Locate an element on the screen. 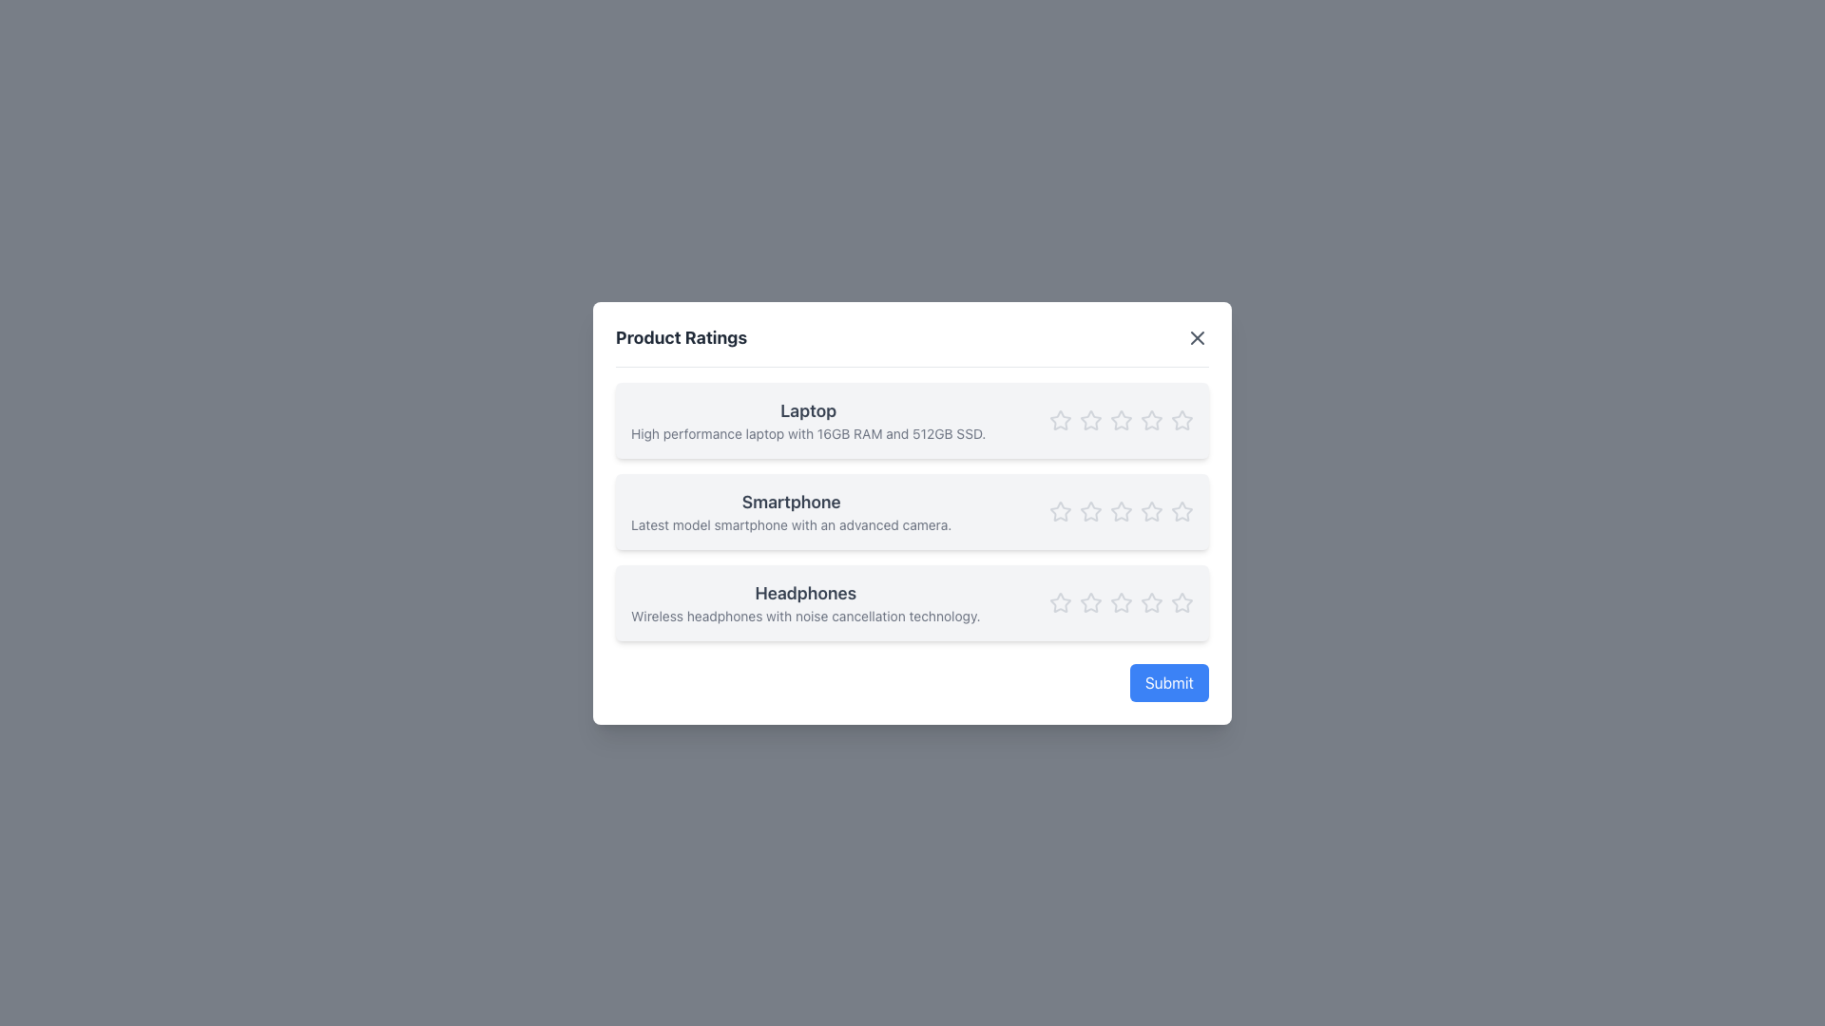 The image size is (1825, 1026). the non-interactive Text Label providing information about the product 'Laptop', located under the 'Laptop' title in the first product rating card is located at coordinates (808, 433).